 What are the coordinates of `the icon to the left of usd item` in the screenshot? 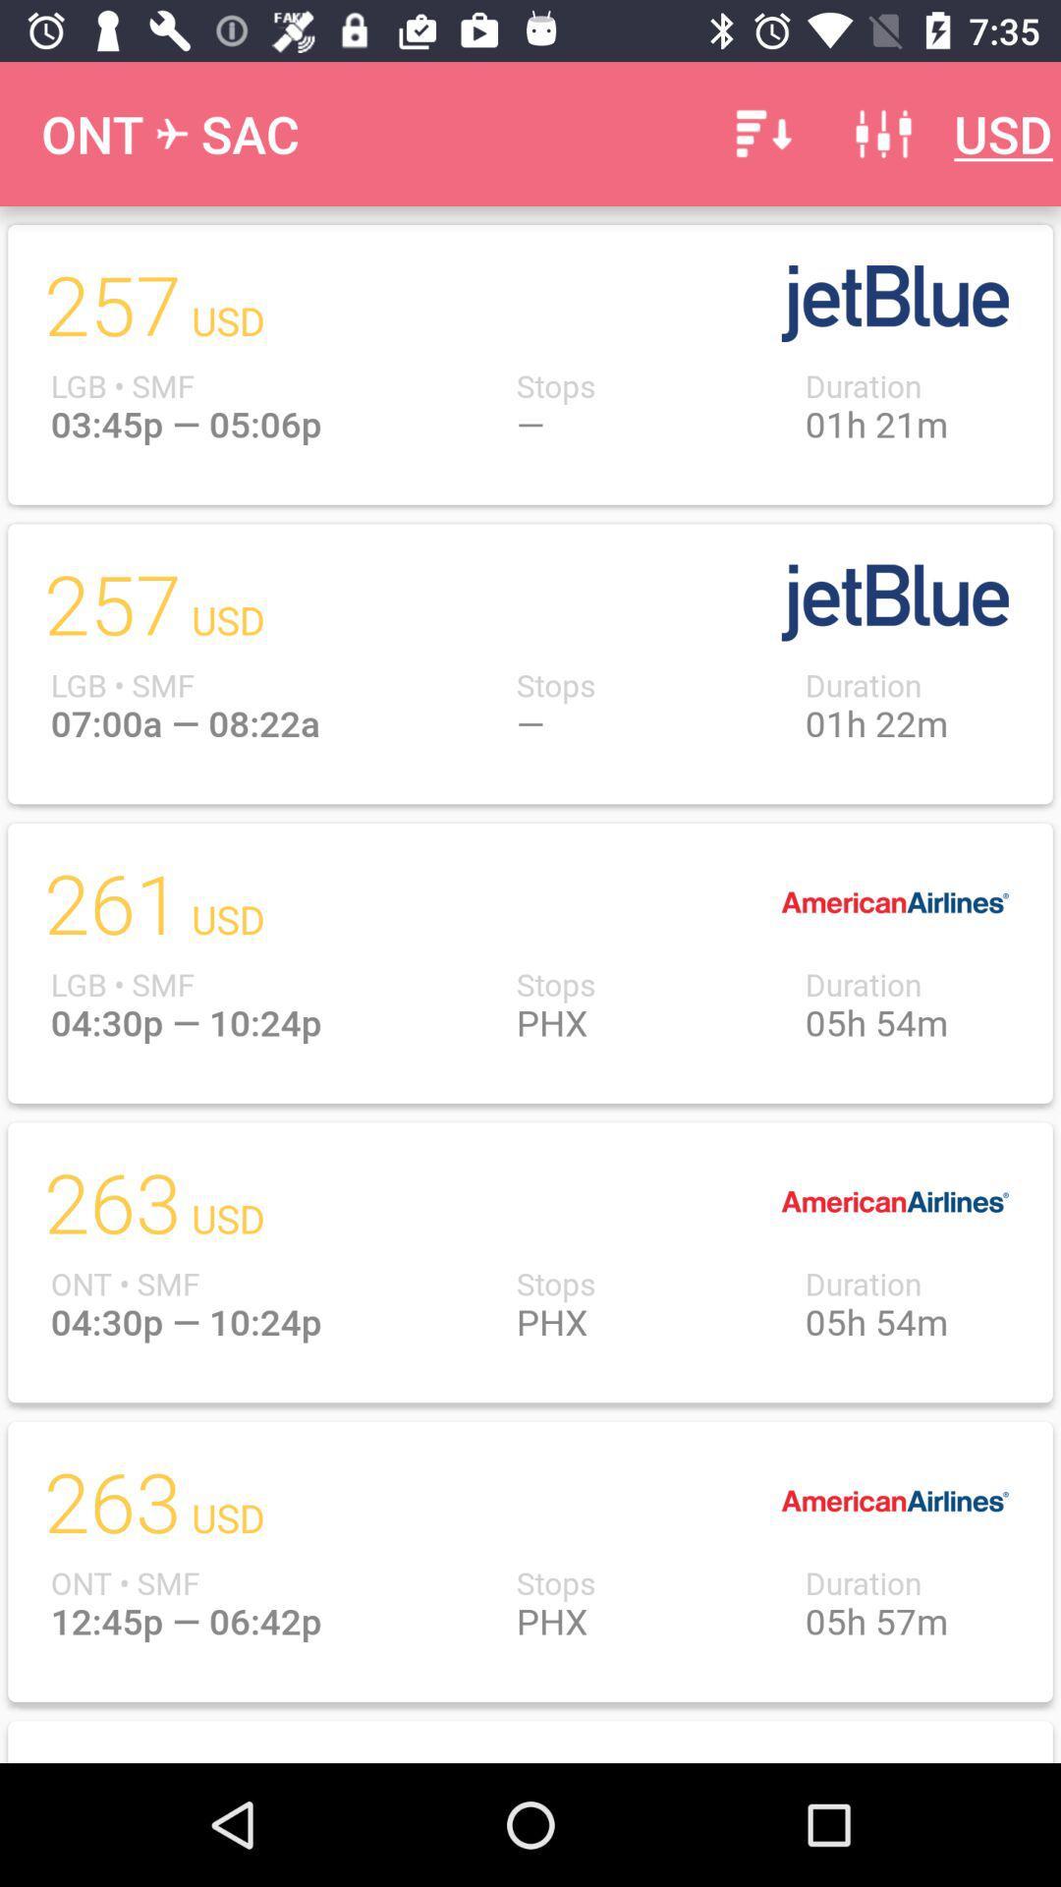 It's located at (882, 133).